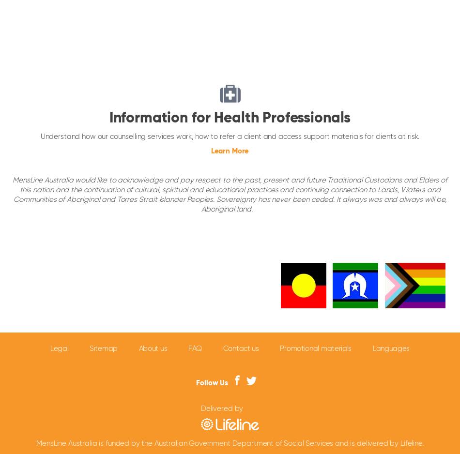 The width and height of the screenshot is (460, 454). What do you see at coordinates (229, 136) in the screenshot?
I see `'Understand how our counselling services work, how to refer a client and access support materials for clients at risk.'` at bounding box center [229, 136].